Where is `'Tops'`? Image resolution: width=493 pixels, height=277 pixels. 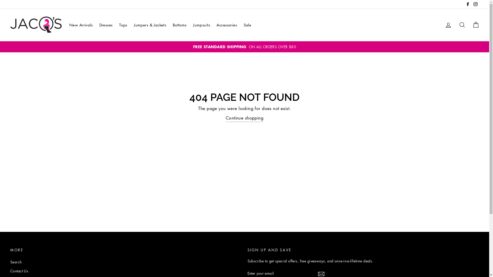 'Tops' is located at coordinates (123, 25).